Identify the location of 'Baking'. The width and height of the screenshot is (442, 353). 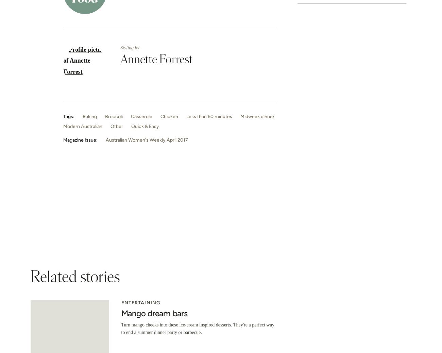
(89, 116).